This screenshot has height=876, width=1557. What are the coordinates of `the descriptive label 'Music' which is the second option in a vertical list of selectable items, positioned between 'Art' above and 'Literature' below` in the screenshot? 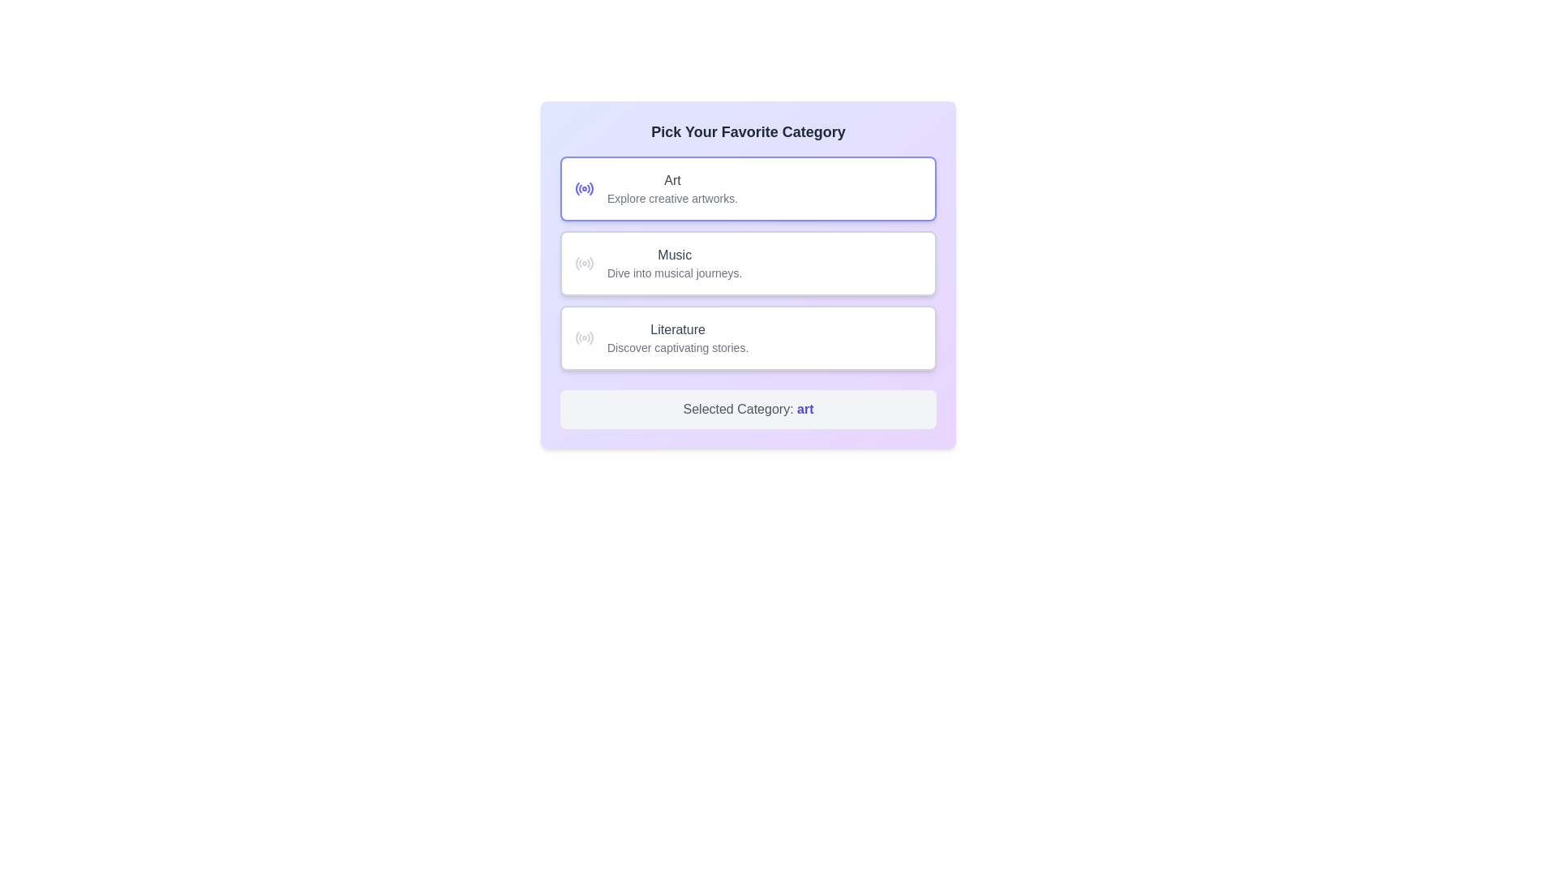 It's located at (675, 262).